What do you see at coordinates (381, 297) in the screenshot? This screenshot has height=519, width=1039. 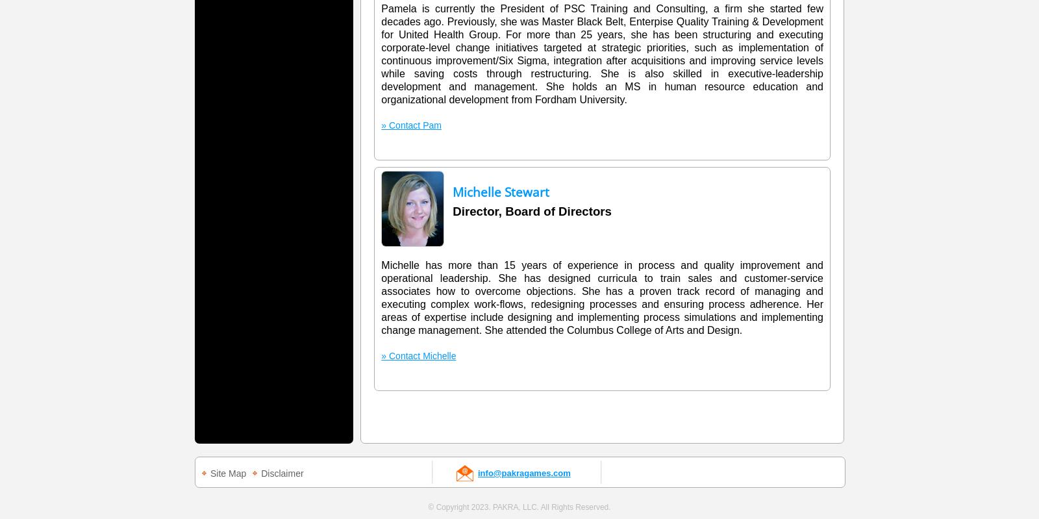 I see `'Michelle has more than 15 years of experience in process and quality improvement and operational leadership. She has designed curricula to train sales and customer-service associates how to overcome objections. She has a proven track record of managing and executing complex work-flows, redesigning processes and ensuring process adherence. Her areas of expertise include designing and implementing process simulations and implementing change management. She attended the Columbus College of Arts and Design.'` at bounding box center [381, 297].